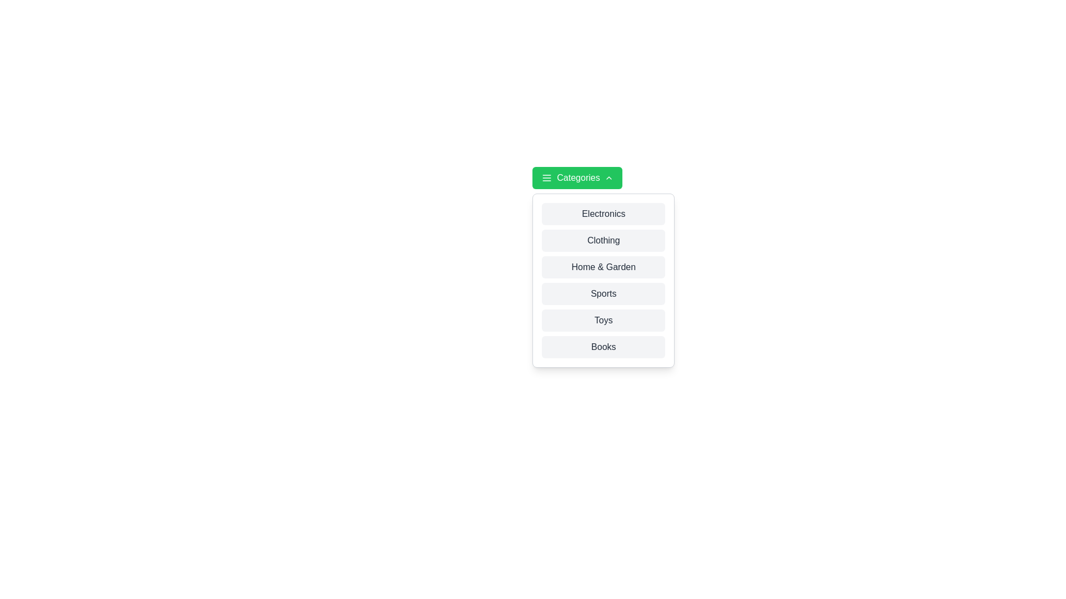 The width and height of the screenshot is (1066, 599). I want to click on the 'Toys' button, which is a rectangular button with a light gray background and dark gray text, located under the 'Categories' section, so click(603, 321).